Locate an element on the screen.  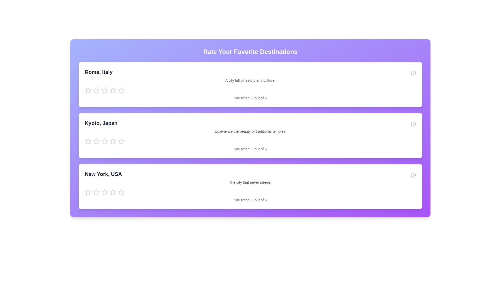
the first star-shaped rating icon in the row located beneath the section labeled 'Kyoto, Japan' to rate it is located at coordinates (88, 141).